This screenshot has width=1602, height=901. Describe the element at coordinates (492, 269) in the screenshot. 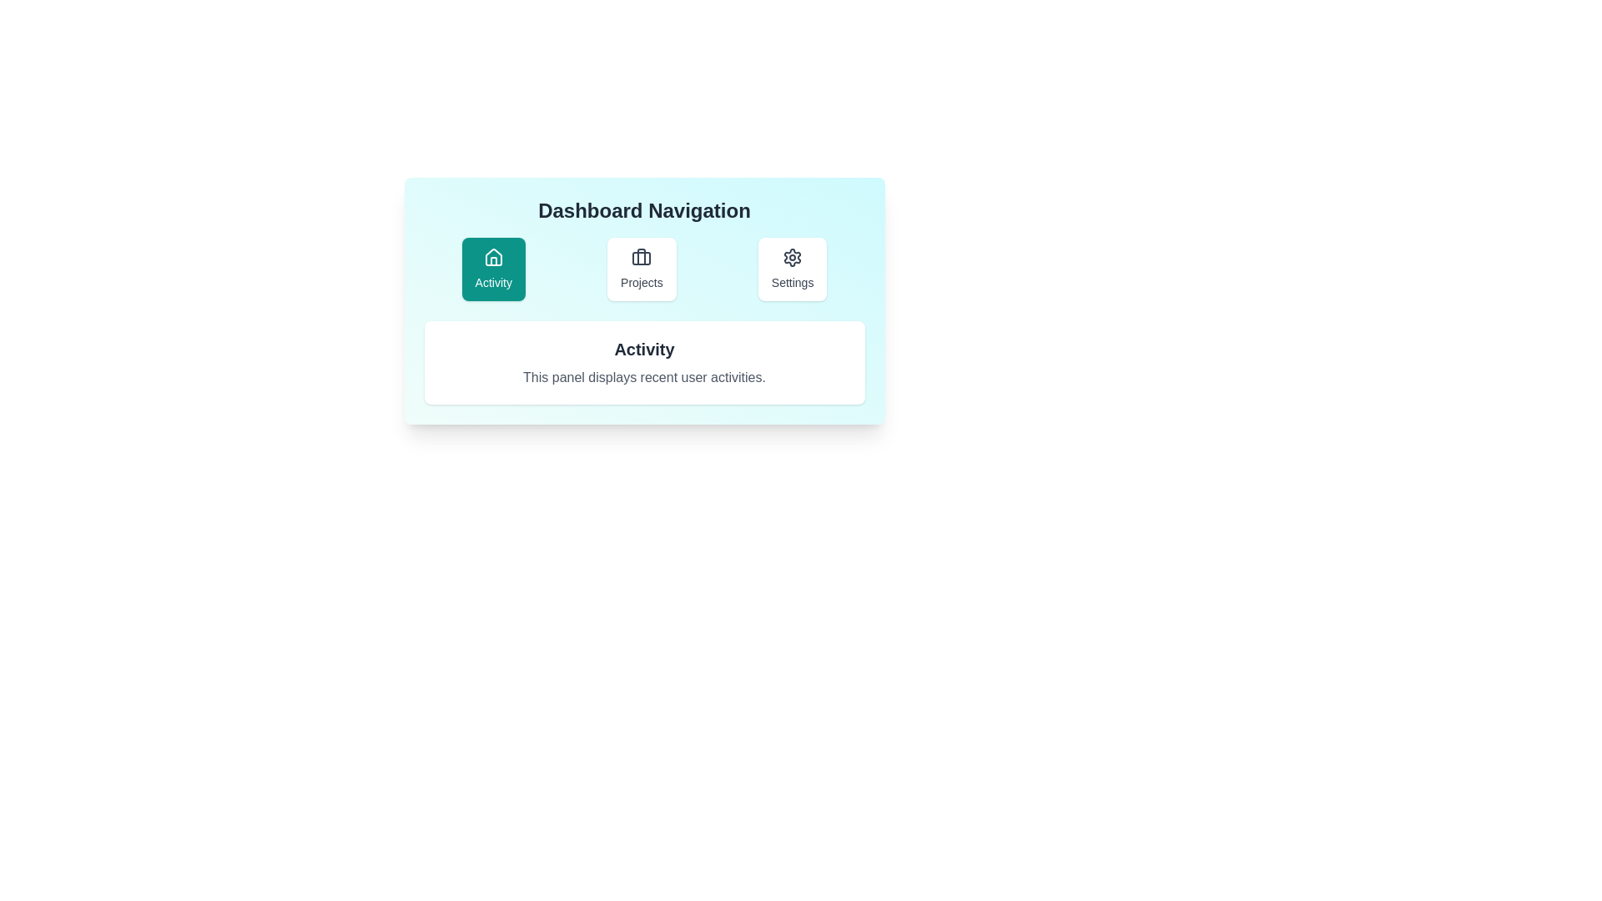

I see `the first button in the horizontal navigation bar that likely navigates to recent activities` at that location.